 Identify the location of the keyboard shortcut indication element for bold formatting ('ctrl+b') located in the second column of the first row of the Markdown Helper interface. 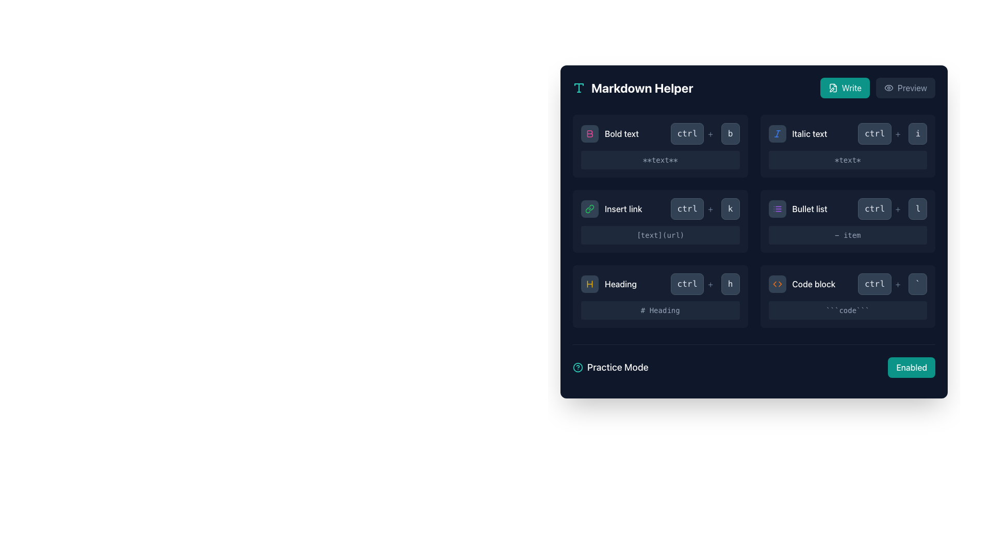
(704, 133).